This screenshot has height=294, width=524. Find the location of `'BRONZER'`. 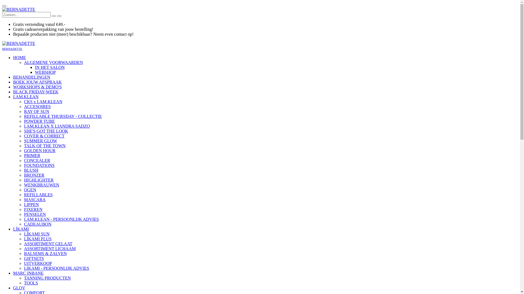

'BRONZER' is located at coordinates (34, 175).